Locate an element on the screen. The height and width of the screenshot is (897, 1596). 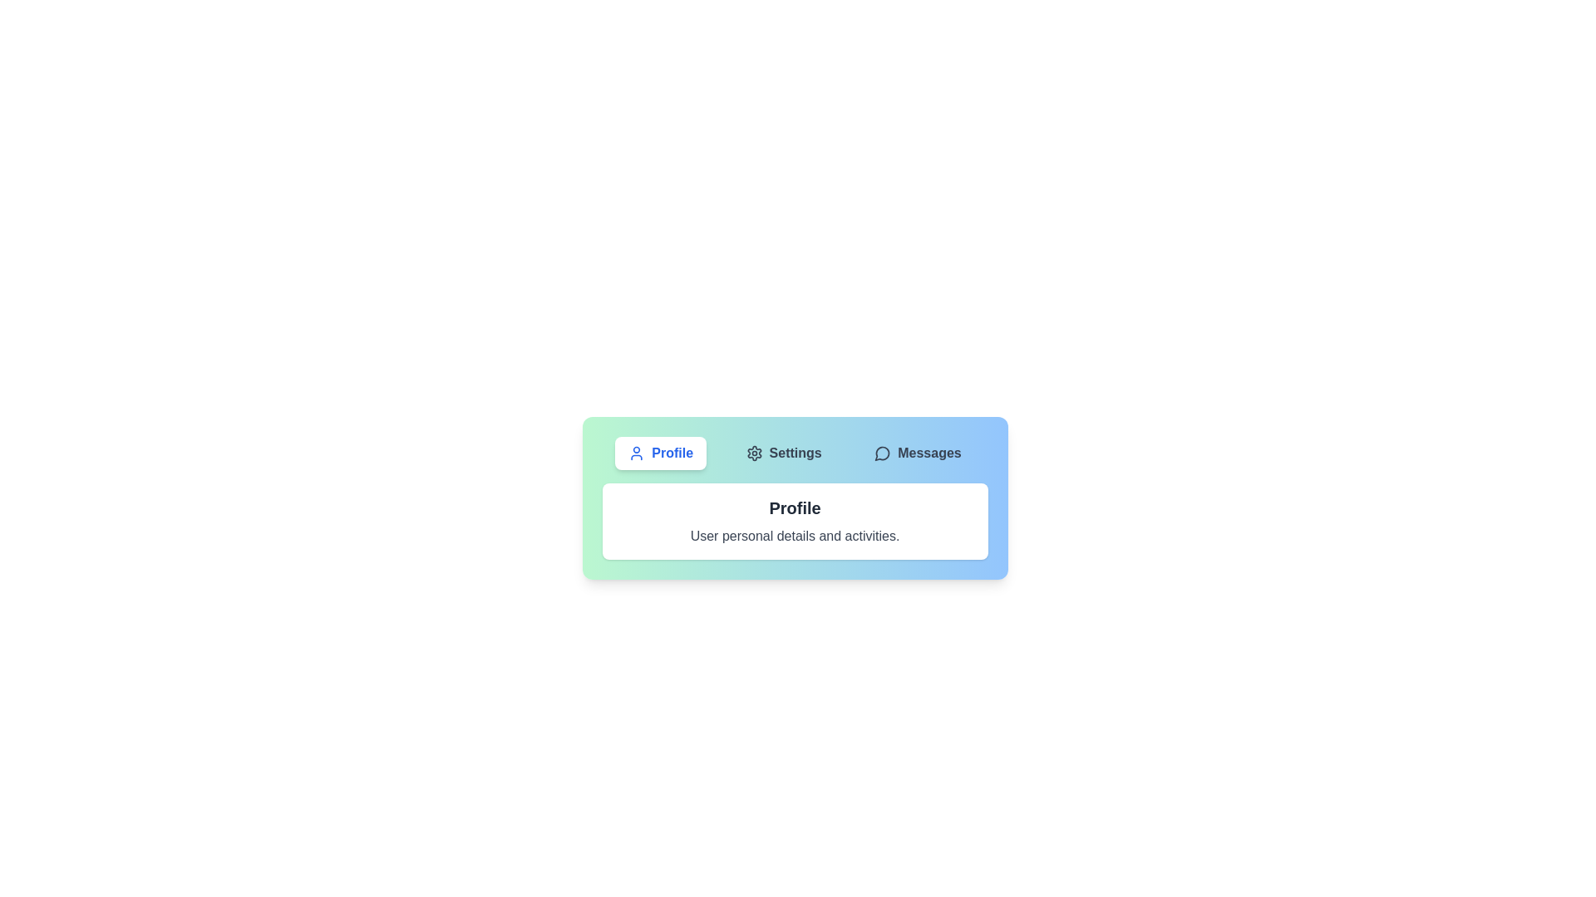
the Settings tab by clicking on its button is located at coordinates (783, 453).